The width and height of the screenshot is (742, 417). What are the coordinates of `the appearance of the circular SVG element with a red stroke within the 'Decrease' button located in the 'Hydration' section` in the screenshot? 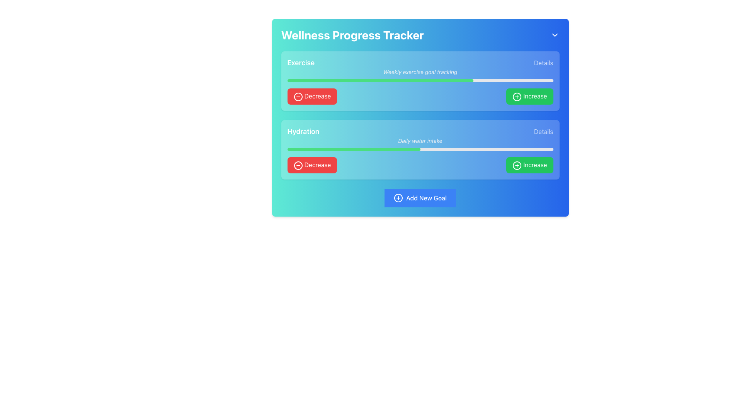 It's located at (298, 165).